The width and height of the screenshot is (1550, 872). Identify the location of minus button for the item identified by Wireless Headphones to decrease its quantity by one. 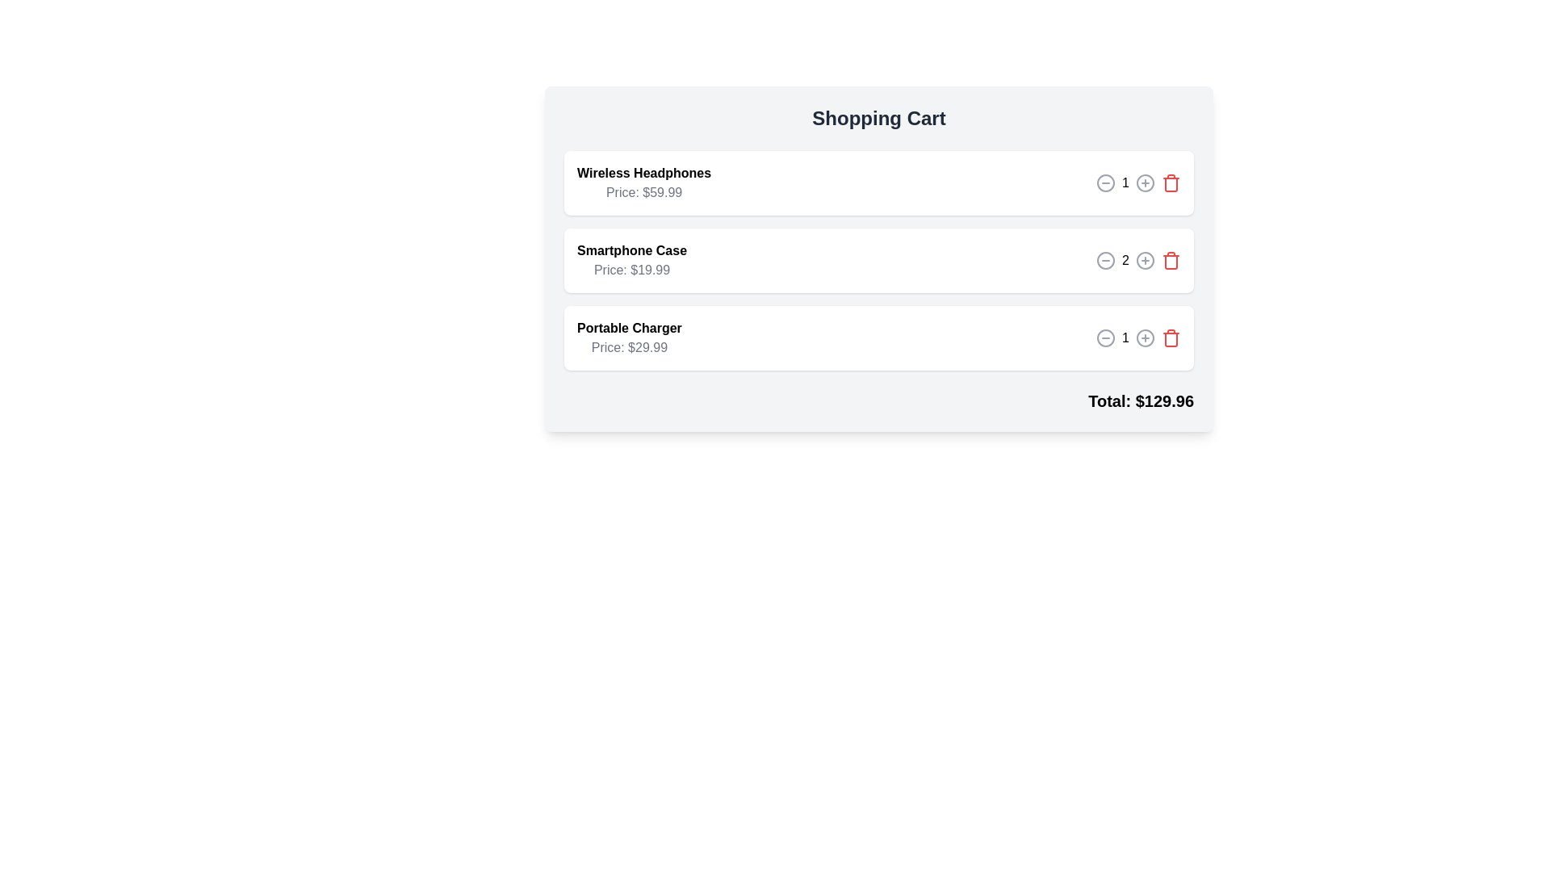
(1104, 182).